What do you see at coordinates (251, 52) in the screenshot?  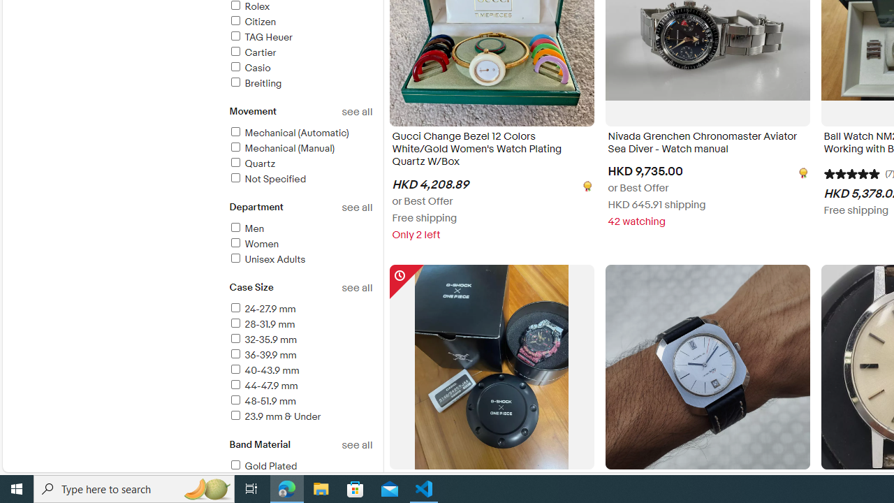 I see `'Cartier'` at bounding box center [251, 52].